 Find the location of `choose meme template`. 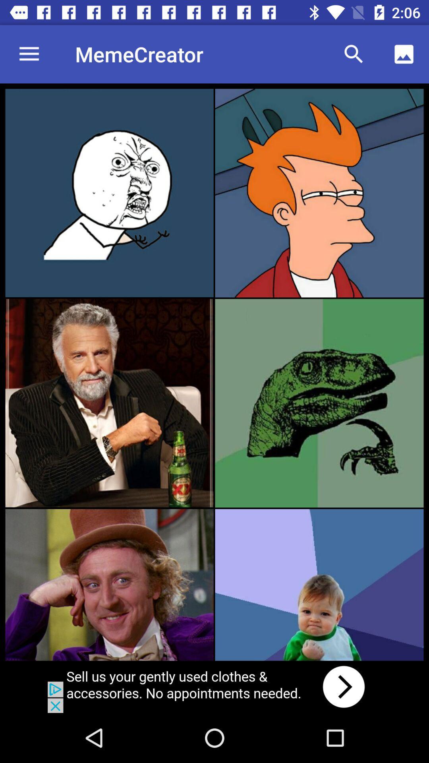

choose meme template is located at coordinates (319, 585).